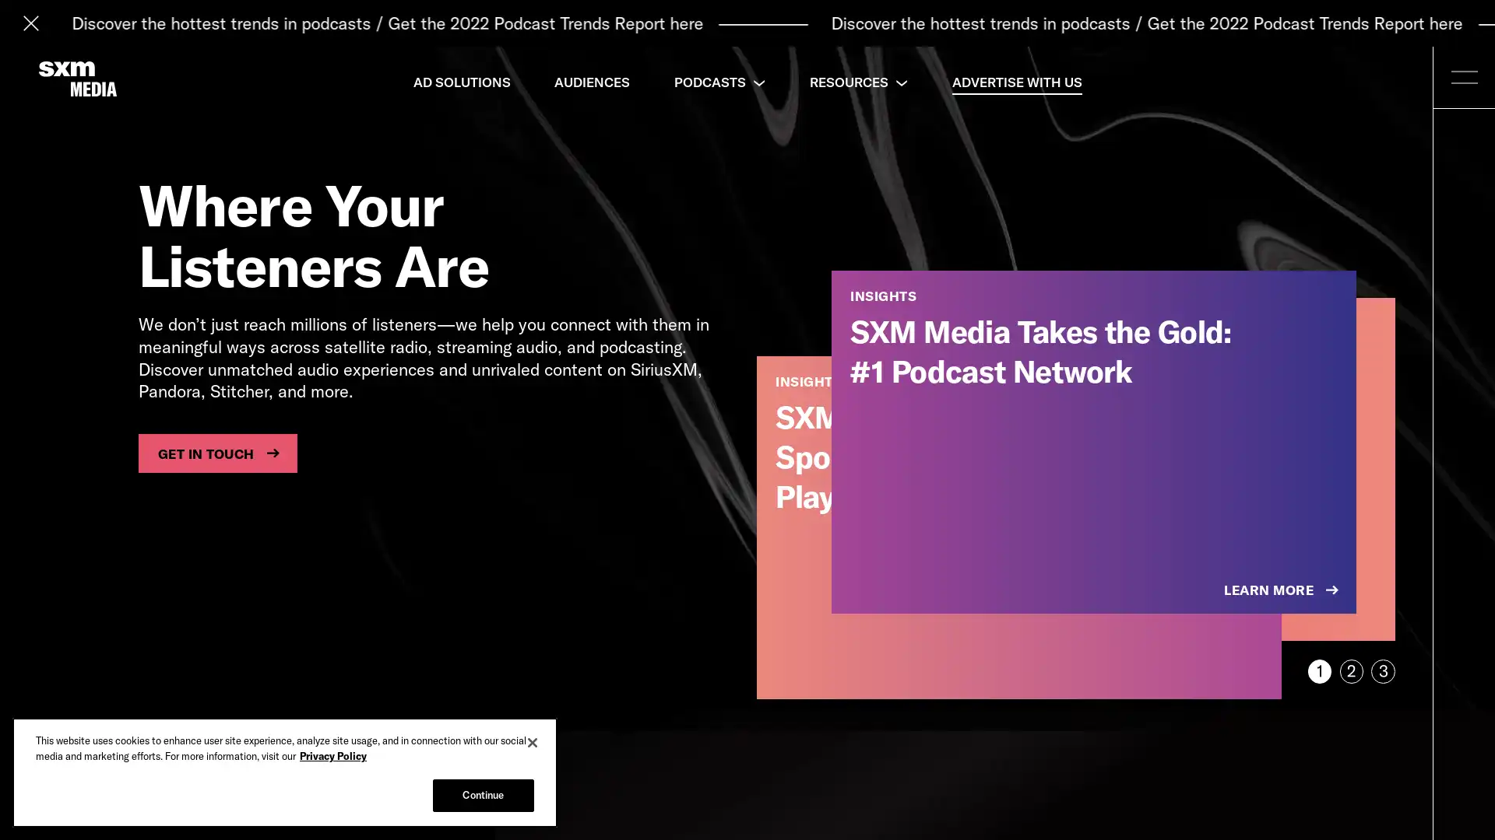 This screenshot has width=1495, height=840. I want to click on LEARN MORE, so click(1282, 590).